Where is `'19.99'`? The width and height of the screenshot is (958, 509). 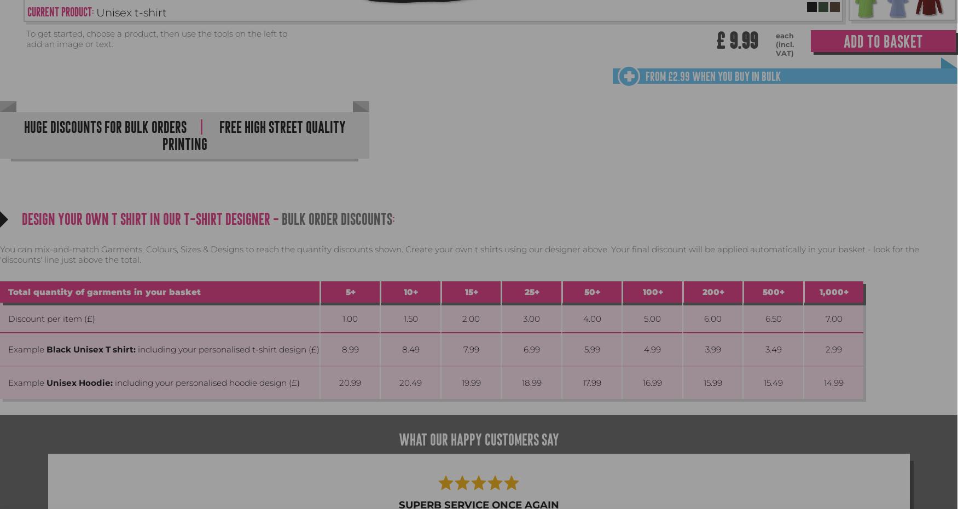
'19.99' is located at coordinates (471, 383).